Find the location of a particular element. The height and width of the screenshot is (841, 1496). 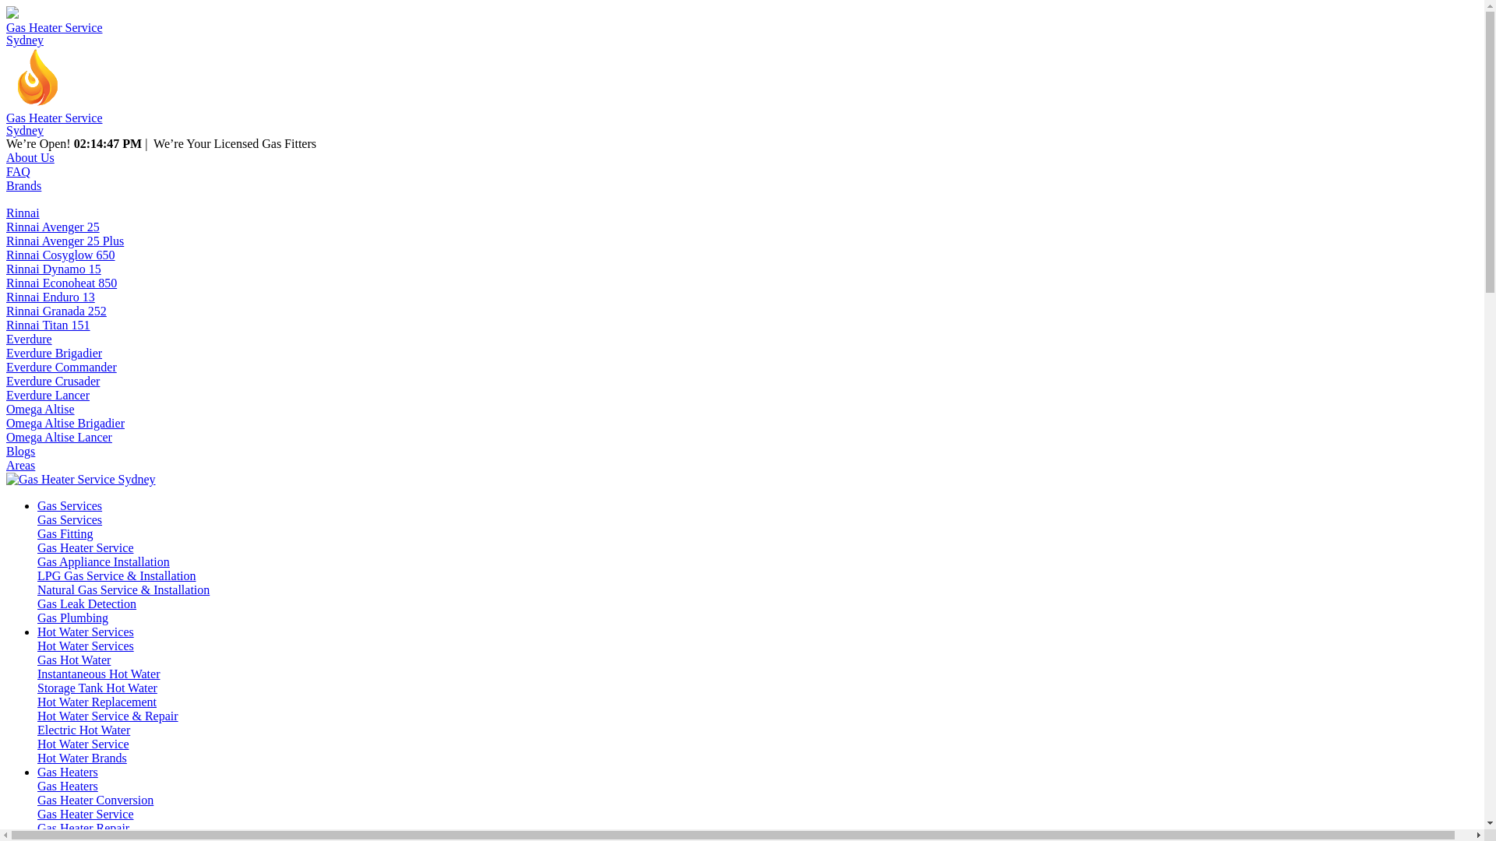

'Rinnai Cosyglow 650' is located at coordinates (6, 254).